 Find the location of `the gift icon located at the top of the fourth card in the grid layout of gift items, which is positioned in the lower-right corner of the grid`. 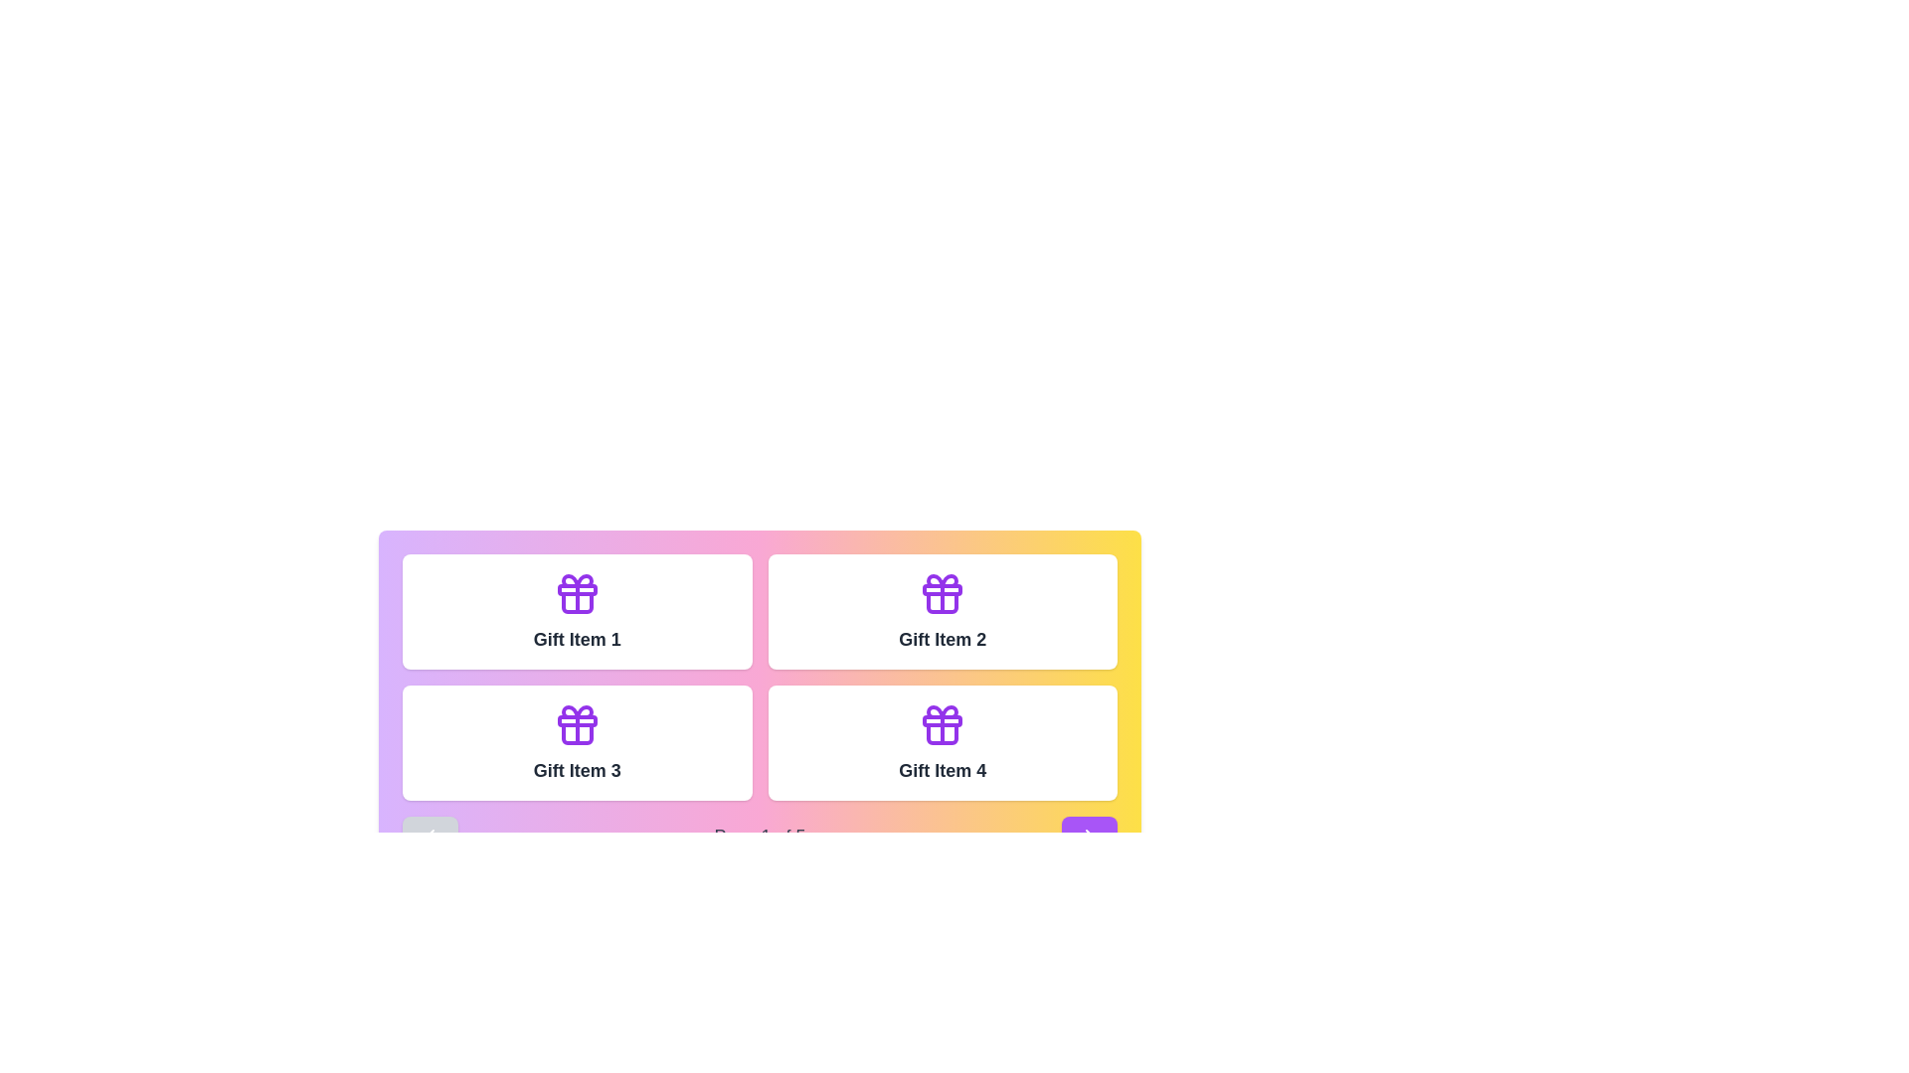

the gift icon located at the top of the fourth card in the grid layout of gift items, which is positioned in the lower-right corner of the grid is located at coordinates (942, 724).